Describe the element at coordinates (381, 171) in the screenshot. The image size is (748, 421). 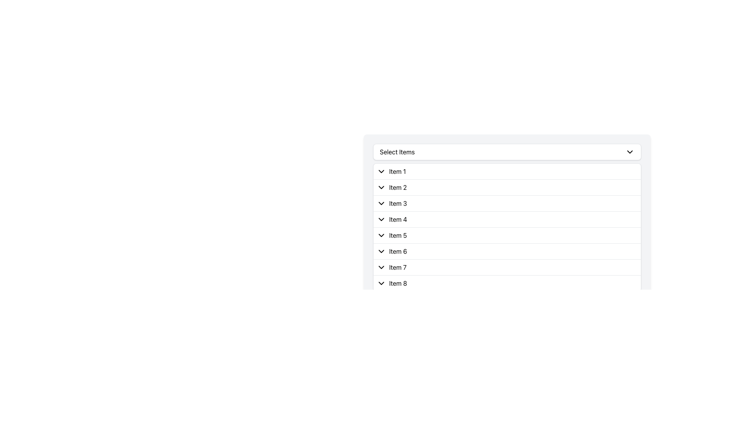
I see `the Chevron Down icon located to the left of 'Item 1', which indicates expandable content` at that location.